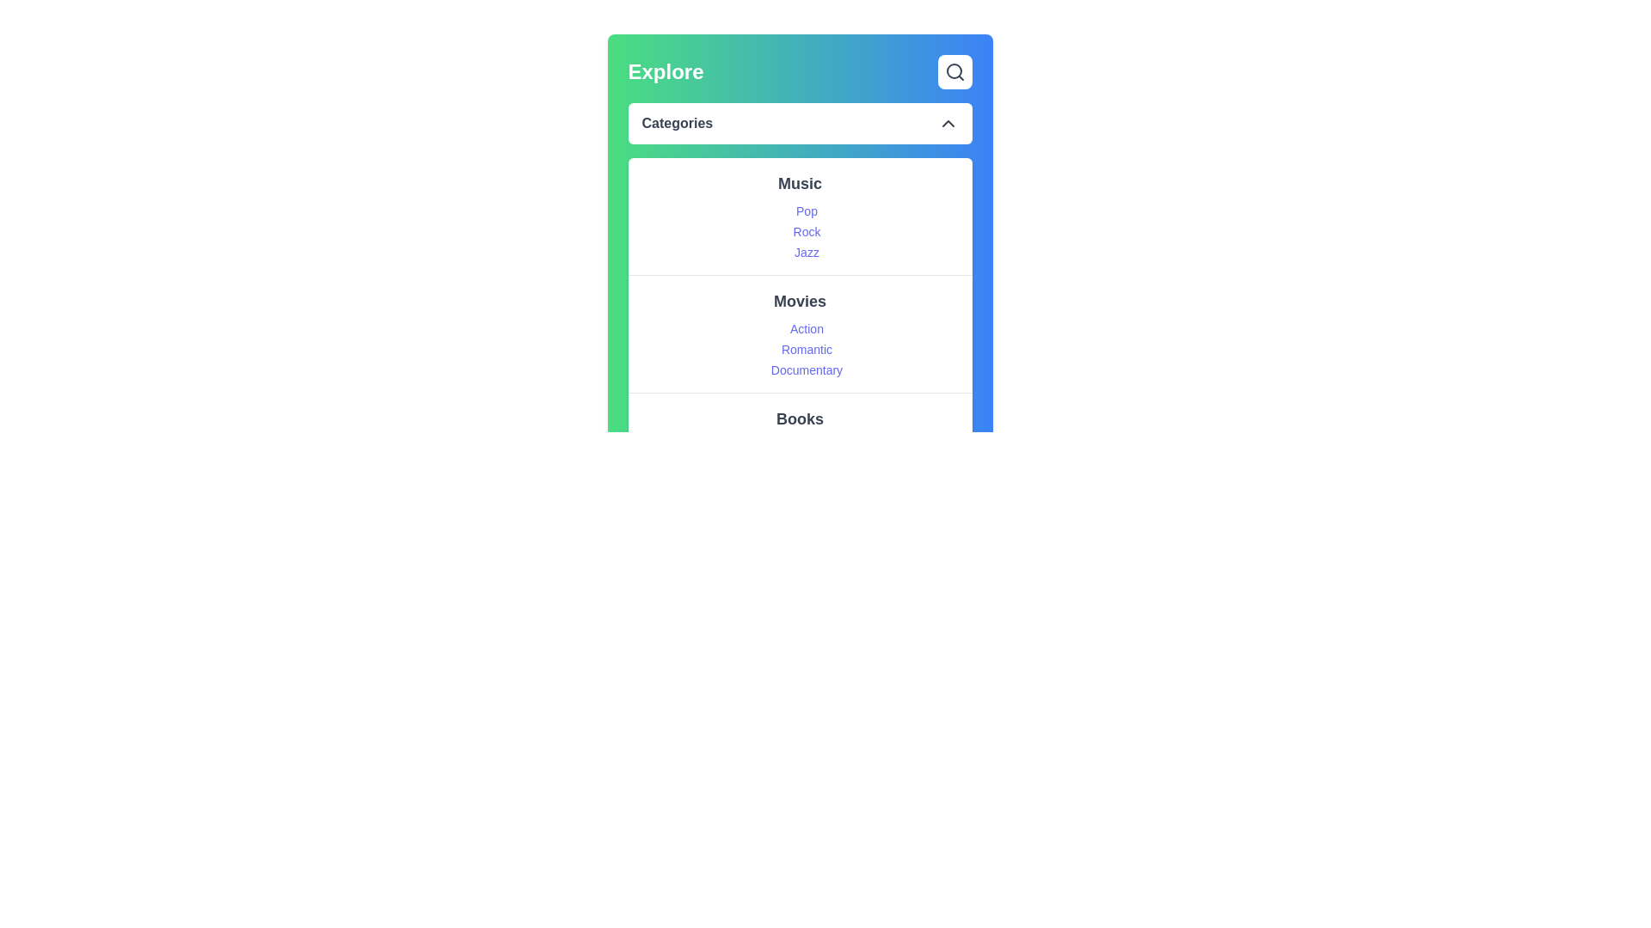 The height and width of the screenshot is (928, 1651). What do you see at coordinates (954, 71) in the screenshot?
I see `the search button located at the top-right corner under the 'Explore' label to initiate a search action` at bounding box center [954, 71].